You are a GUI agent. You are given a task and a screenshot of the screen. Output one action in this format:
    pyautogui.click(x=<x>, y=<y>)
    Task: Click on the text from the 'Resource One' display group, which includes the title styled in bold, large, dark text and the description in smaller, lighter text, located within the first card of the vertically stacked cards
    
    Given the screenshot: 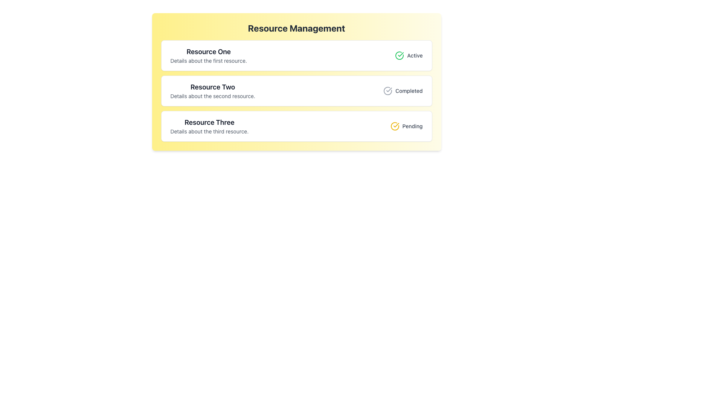 What is the action you would take?
    pyautogui.click(x=209, y=55)
    